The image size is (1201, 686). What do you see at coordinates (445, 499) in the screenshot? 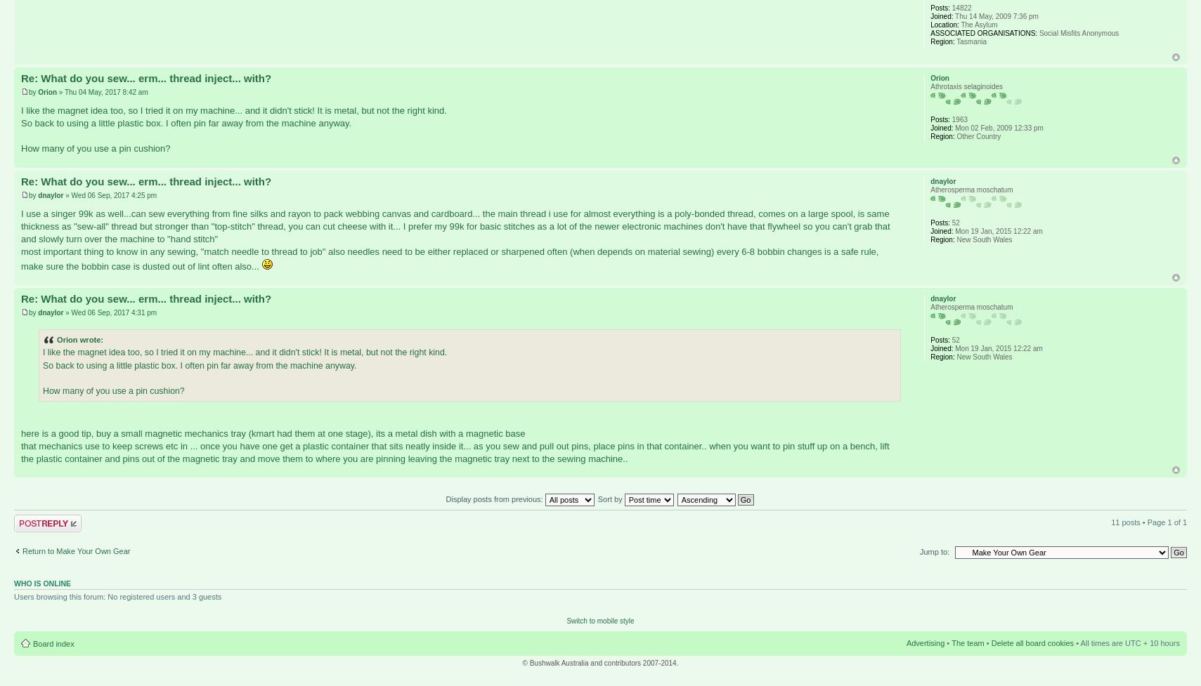
I see `'Display posts from previous:'` at bounding box center [445, 499].